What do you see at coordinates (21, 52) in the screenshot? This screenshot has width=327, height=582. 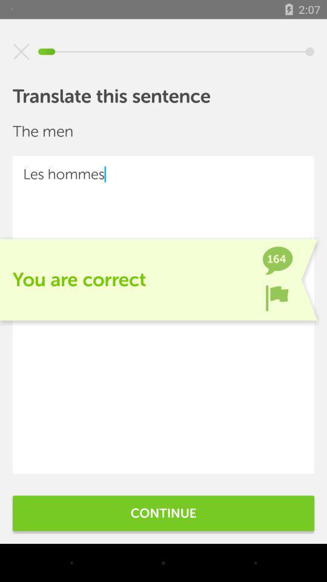 I see `the star icon` at bounding box center [21, 52].